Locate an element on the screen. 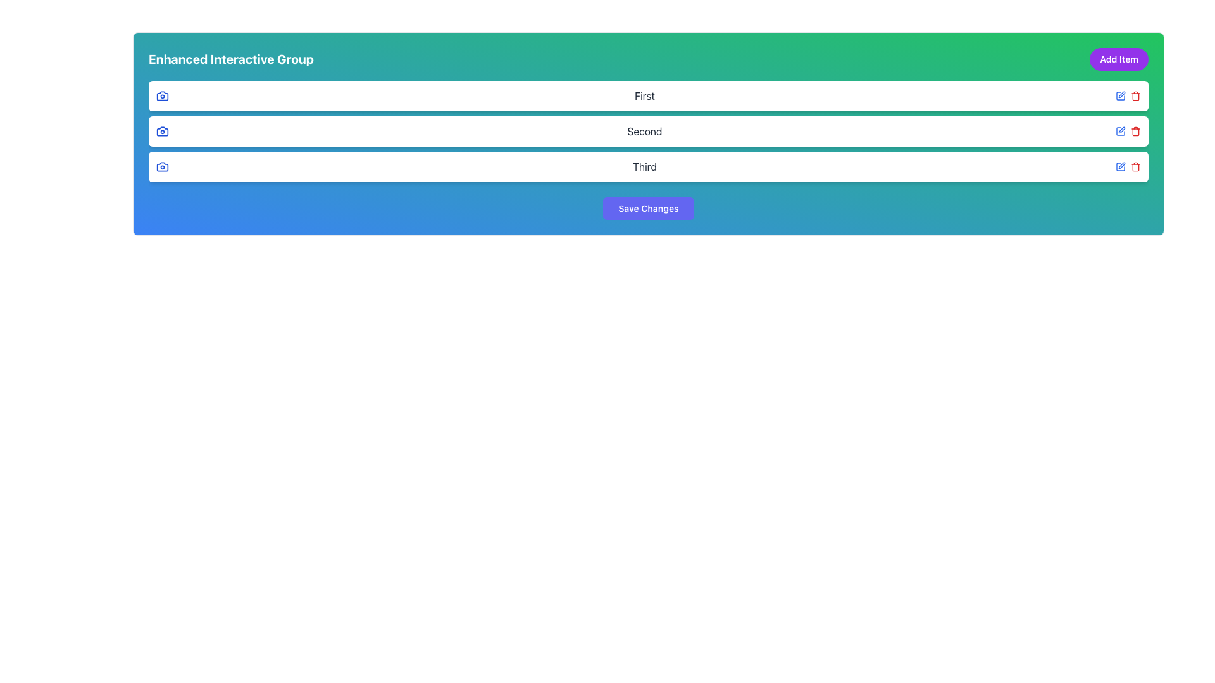 Image resolution: width=1215 pixels, height=683 pixels. the icon button that represents editing or modifying the 'Second' item, located to the right of the text 'Second' in the second row, adjacent to a red icon is located at coordinates (1121, 132).